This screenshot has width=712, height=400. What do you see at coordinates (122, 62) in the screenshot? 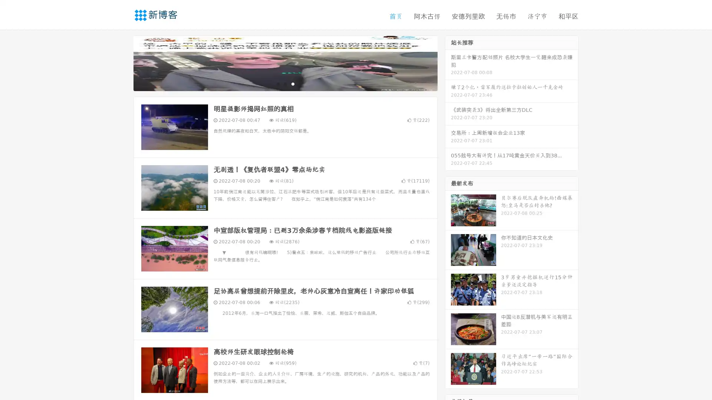
I see `Previous slide` at bounding box center [122, 62].